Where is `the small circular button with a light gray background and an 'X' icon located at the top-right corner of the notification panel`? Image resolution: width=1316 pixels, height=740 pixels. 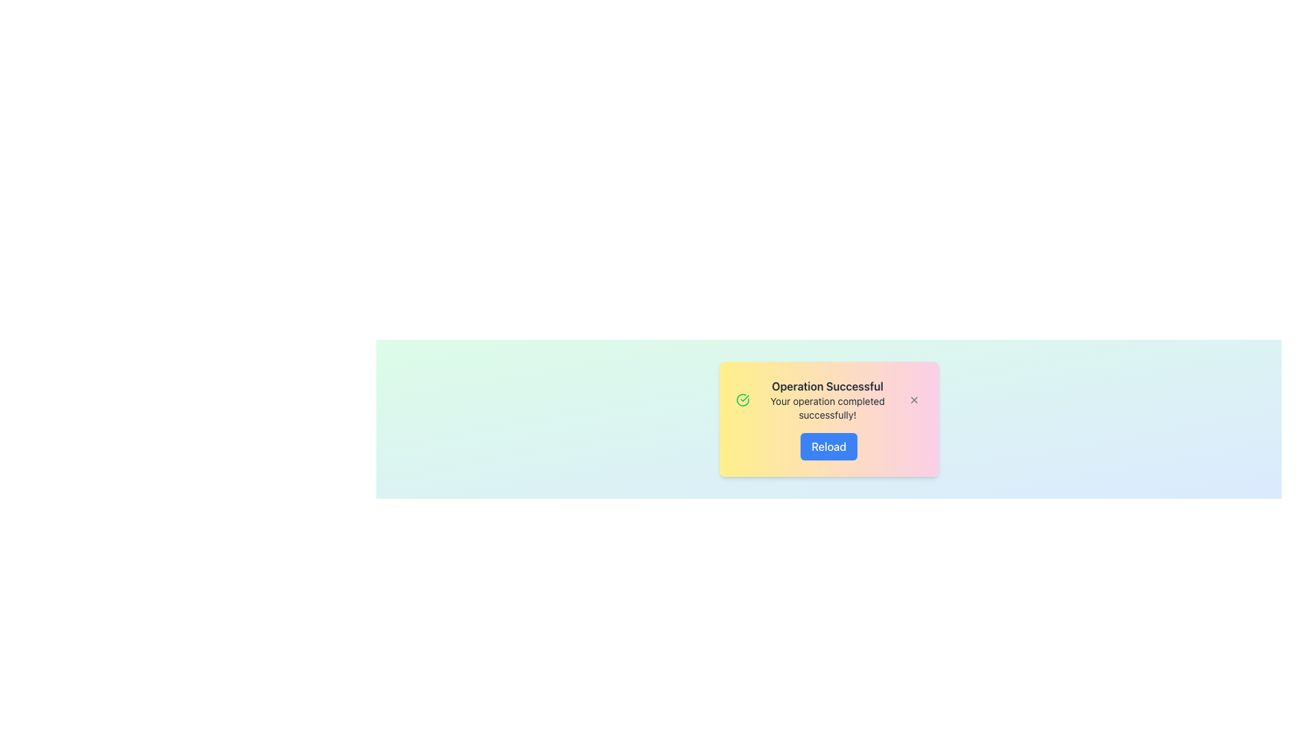
the small circular button with a light gray background and an 'X' icon located at the top-right corner of the notification panel is located at coordinates (914, 399).